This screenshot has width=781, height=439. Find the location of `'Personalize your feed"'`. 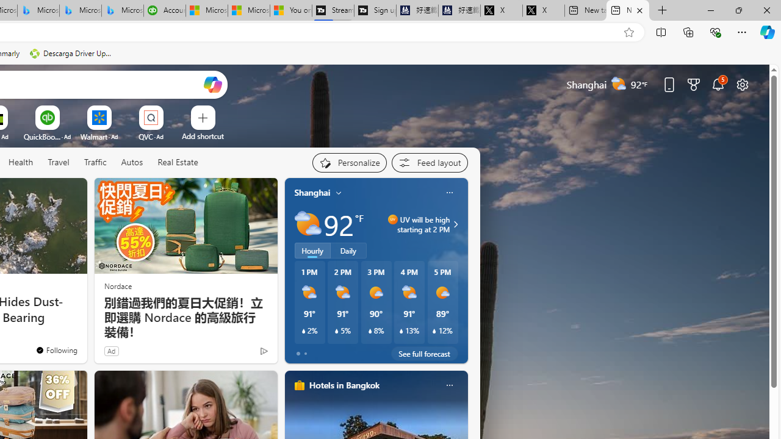

'Personalize your feed"' is located at coordinates (348, 162).